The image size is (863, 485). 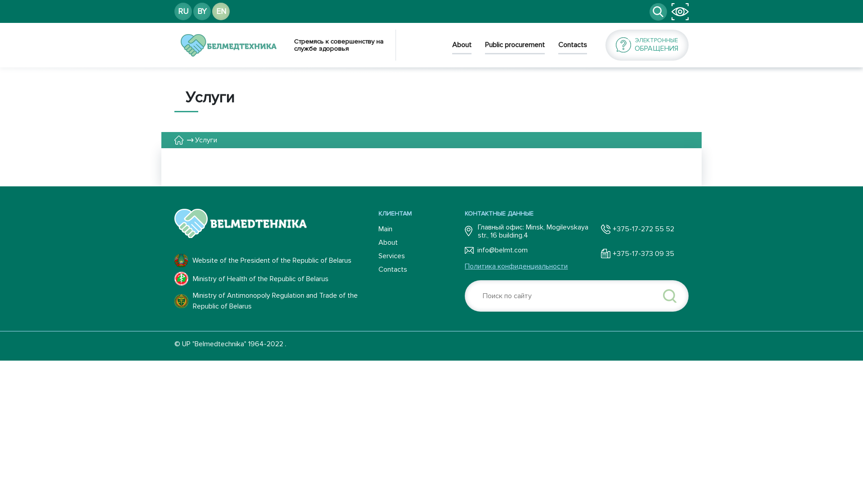 I want to click on 'EN', so click(x=221, y=11).